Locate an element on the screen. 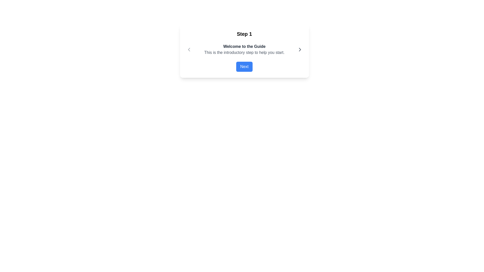 The height and width of the screenshot is (272, 484). the text paragraph element that contains the content 'This is the introductory step to help you start.' which is styled in gray and located directly below 'Welcome to the Guide' is located at coordinates (244, 52).